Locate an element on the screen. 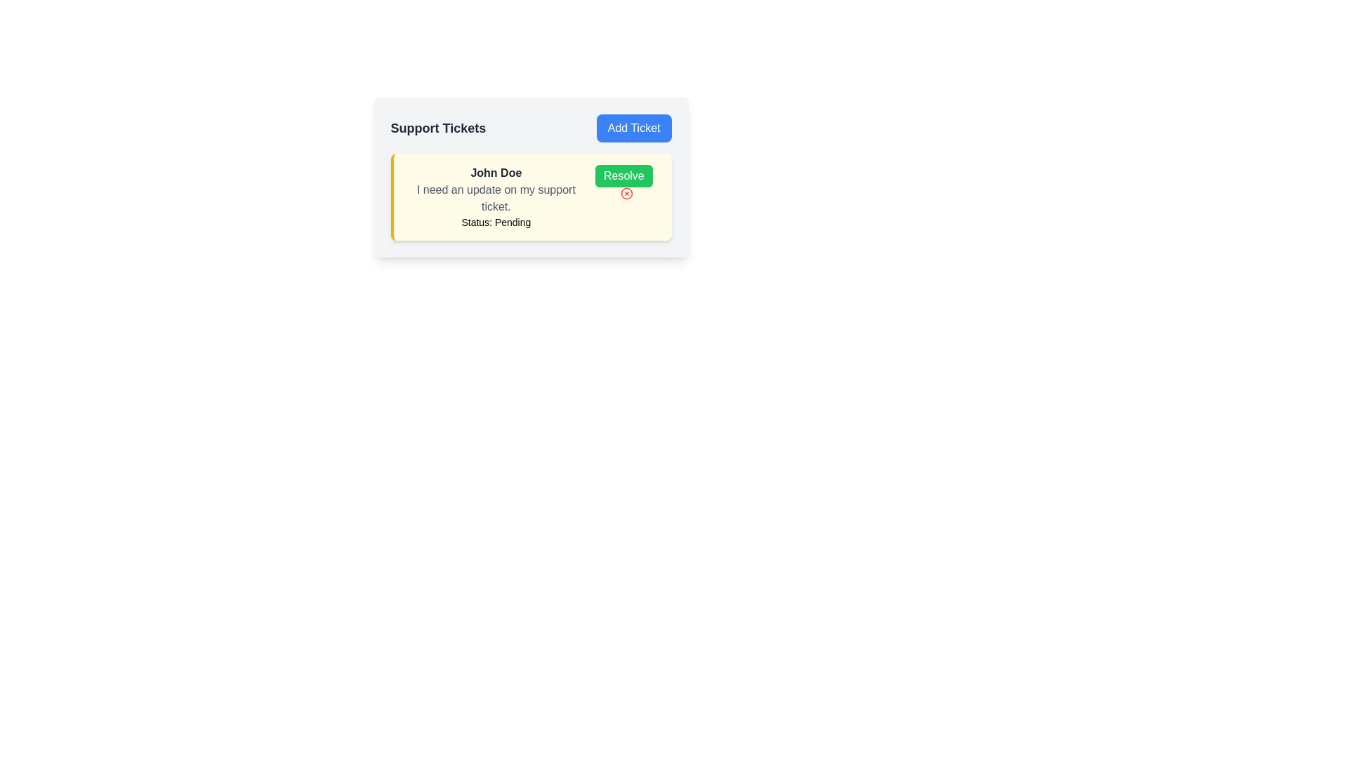  the composite text display element that provides details about a support ticket, located within a panel with a yellow background, positioned towards the upper-middle part of the panel, to the left of the 'Resolve' button is located at coordinates (496, 197).